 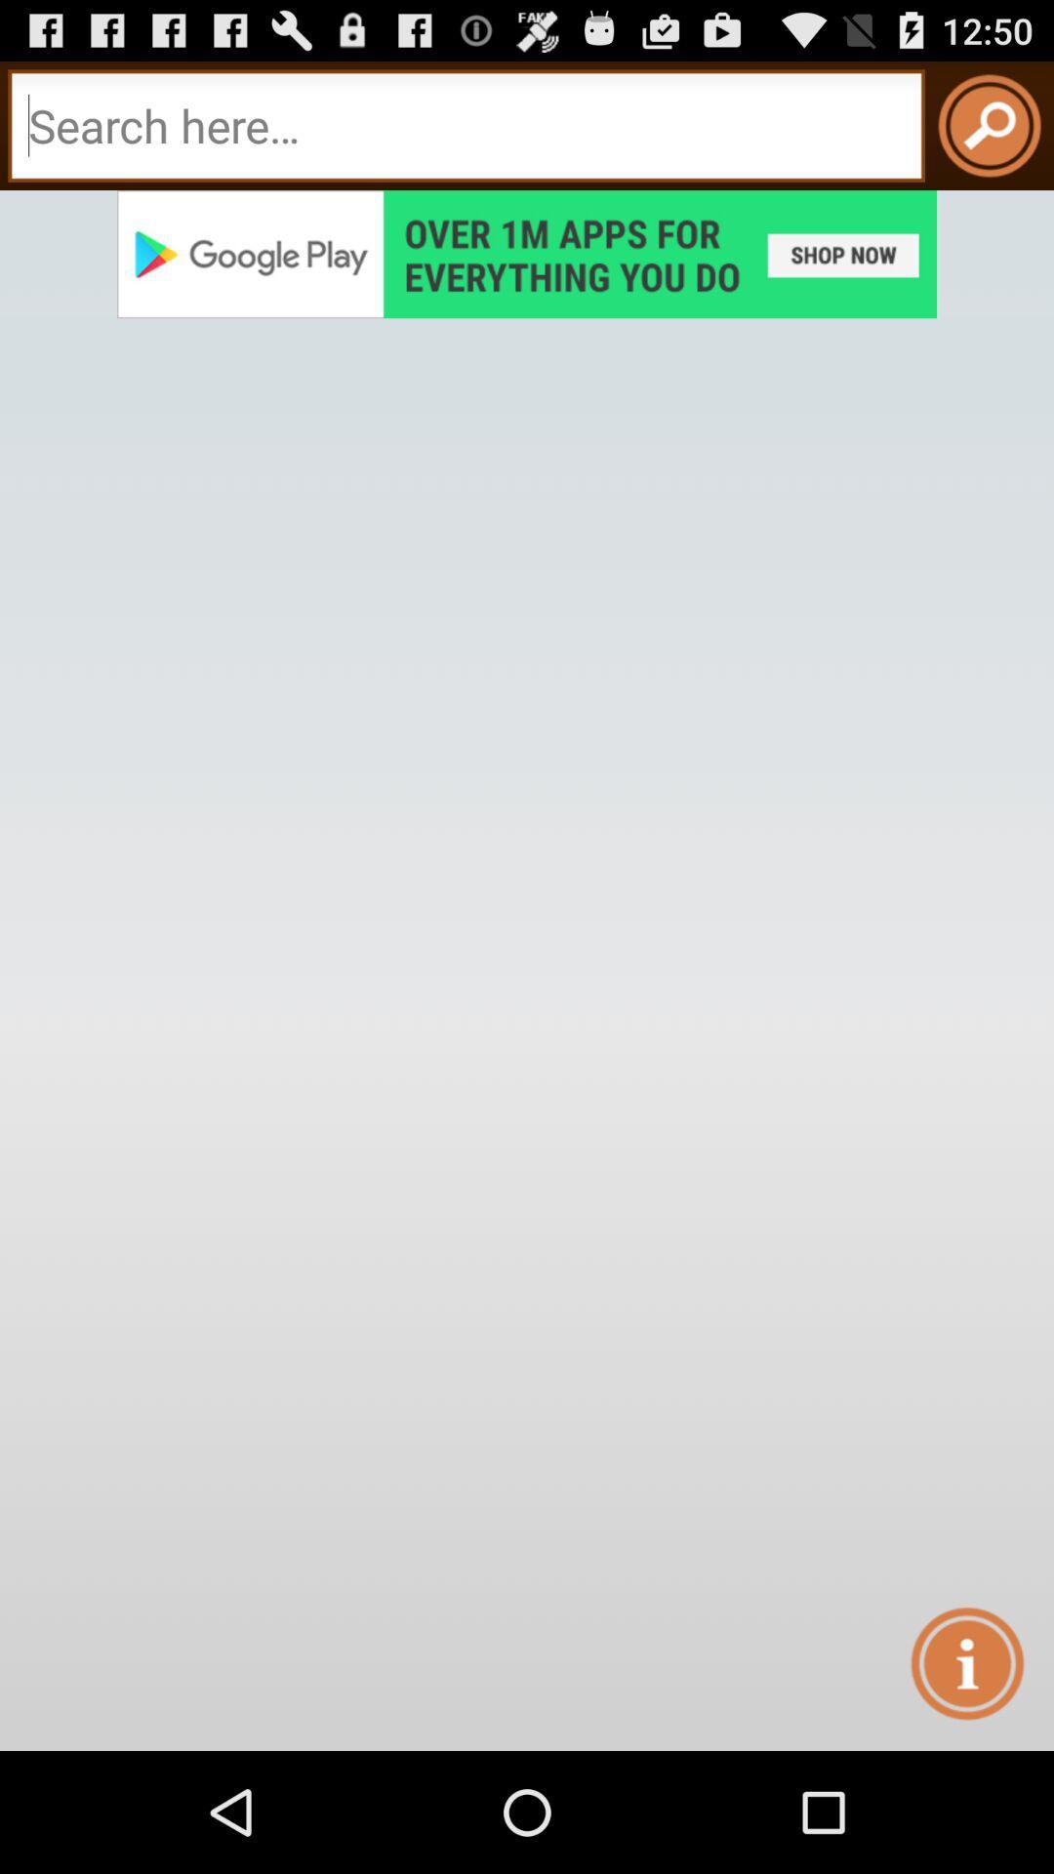 What do you see at coordinates (466, 125) in the screenshot?
I see `search option` at bounding box center [466, 125].